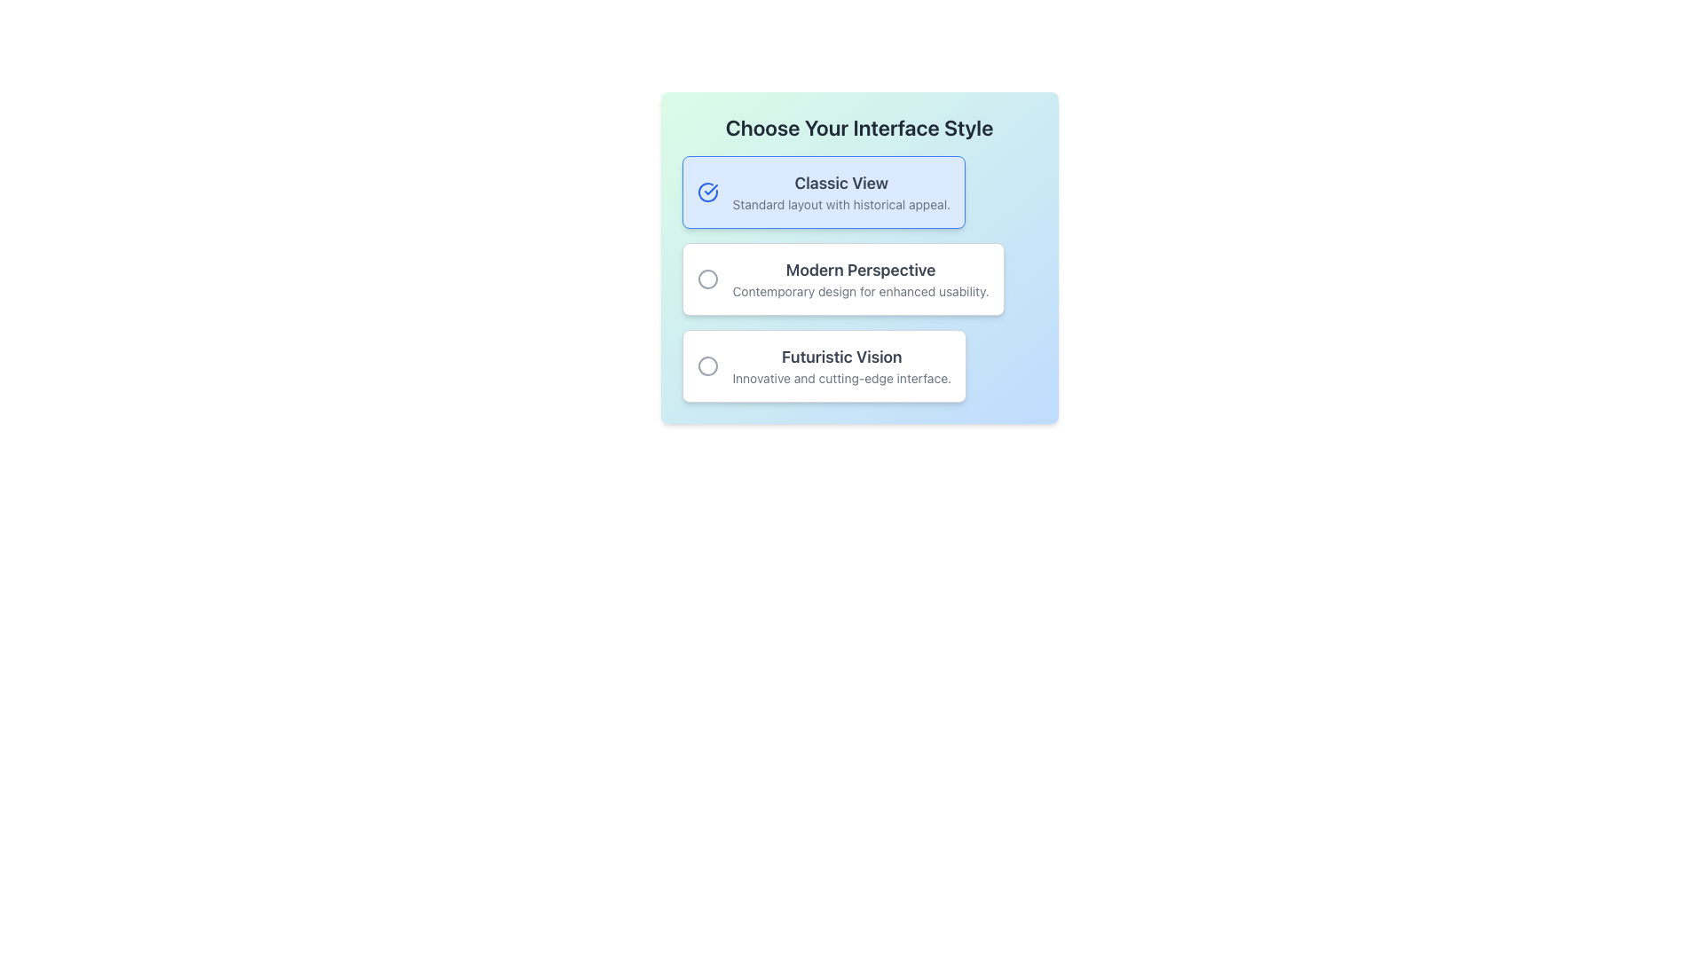 The width and height of the screenshot is (1704, 958). Describe the element at coordinates (840, 184) in the screenshot. I see `the bold text label reading 'Classic View' that is styled with a larger font size and gray color, located at the top of the box indicating selection` at that location.